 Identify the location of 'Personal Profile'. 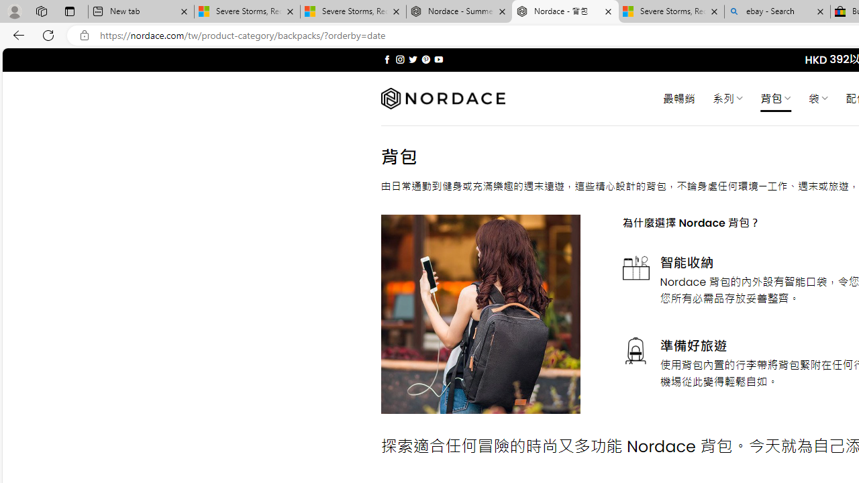
(14, 11).